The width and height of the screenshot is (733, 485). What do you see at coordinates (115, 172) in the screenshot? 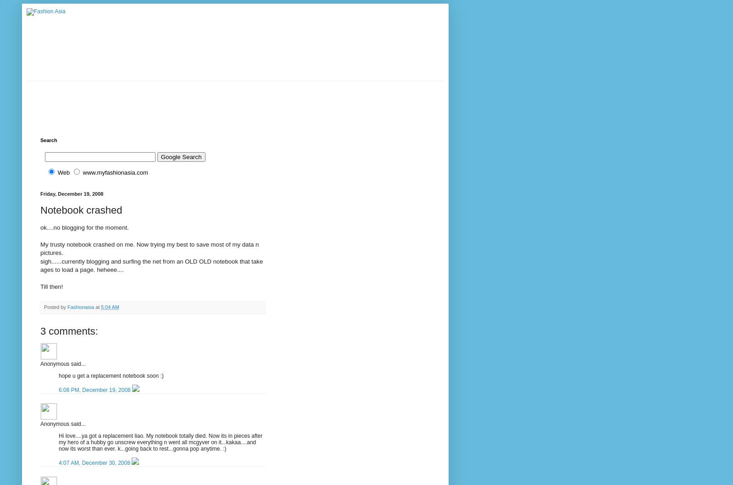
I see `'www.myfashionasia.com'` at bounding box center [115, 172].